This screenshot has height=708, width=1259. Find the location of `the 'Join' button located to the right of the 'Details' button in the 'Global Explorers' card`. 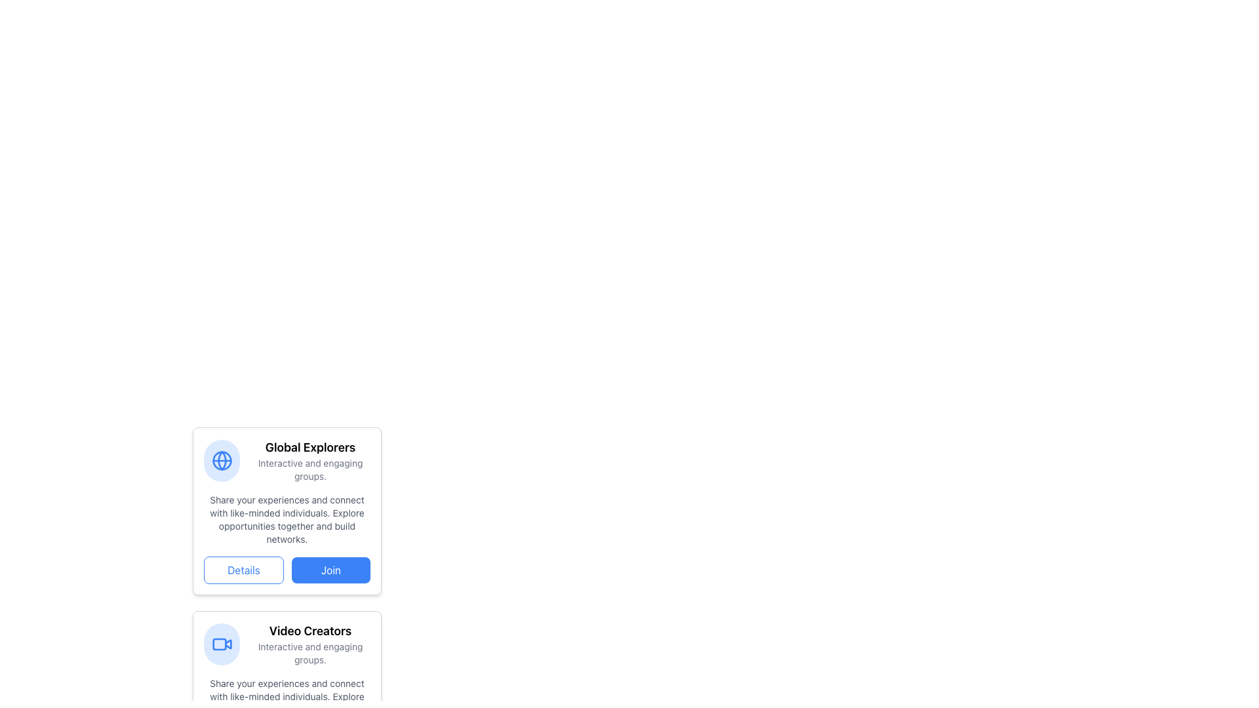

the 'Join' button located to the right of the 'Details' button in the 'Global Explorers' card is located at coordinates (330, 570).